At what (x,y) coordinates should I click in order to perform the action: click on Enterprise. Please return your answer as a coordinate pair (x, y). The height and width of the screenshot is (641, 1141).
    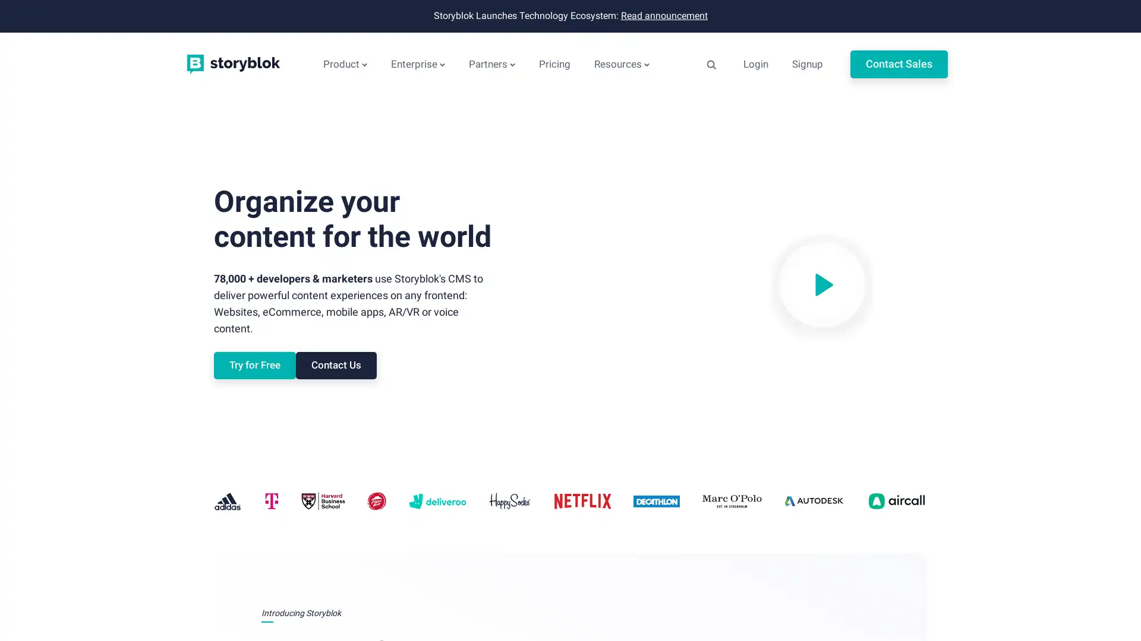
    Looking at the image, I should click on (418, 64).